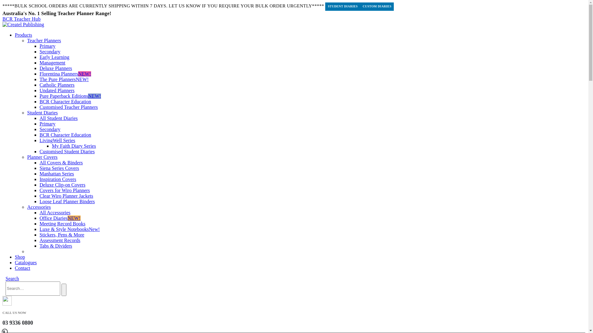 The image size is (593, 333). Describe the element at coordinates (376, 6) in the screenshot. I see `'CUSTOM DIARIES'` at that location.